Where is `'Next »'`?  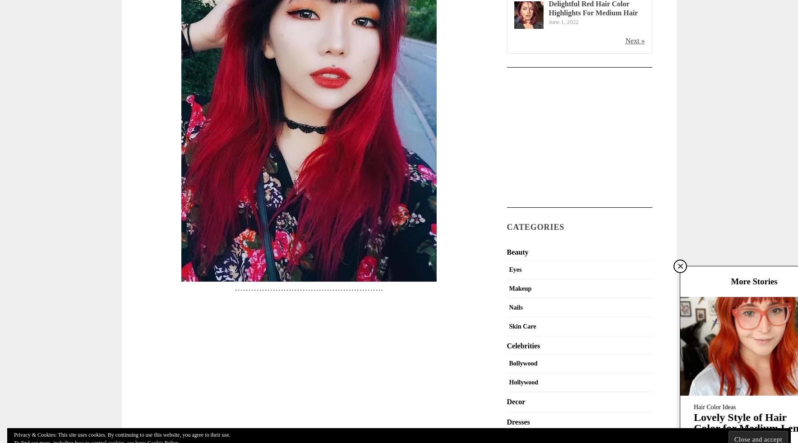 'Next »' is located at coordinates (625, 40).